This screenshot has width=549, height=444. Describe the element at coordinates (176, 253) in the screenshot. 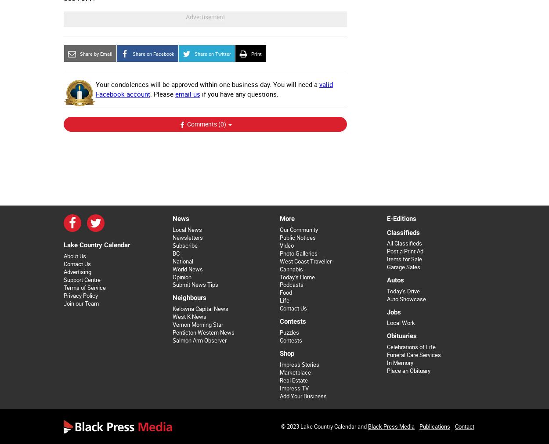

I see `'BC'` at that location.